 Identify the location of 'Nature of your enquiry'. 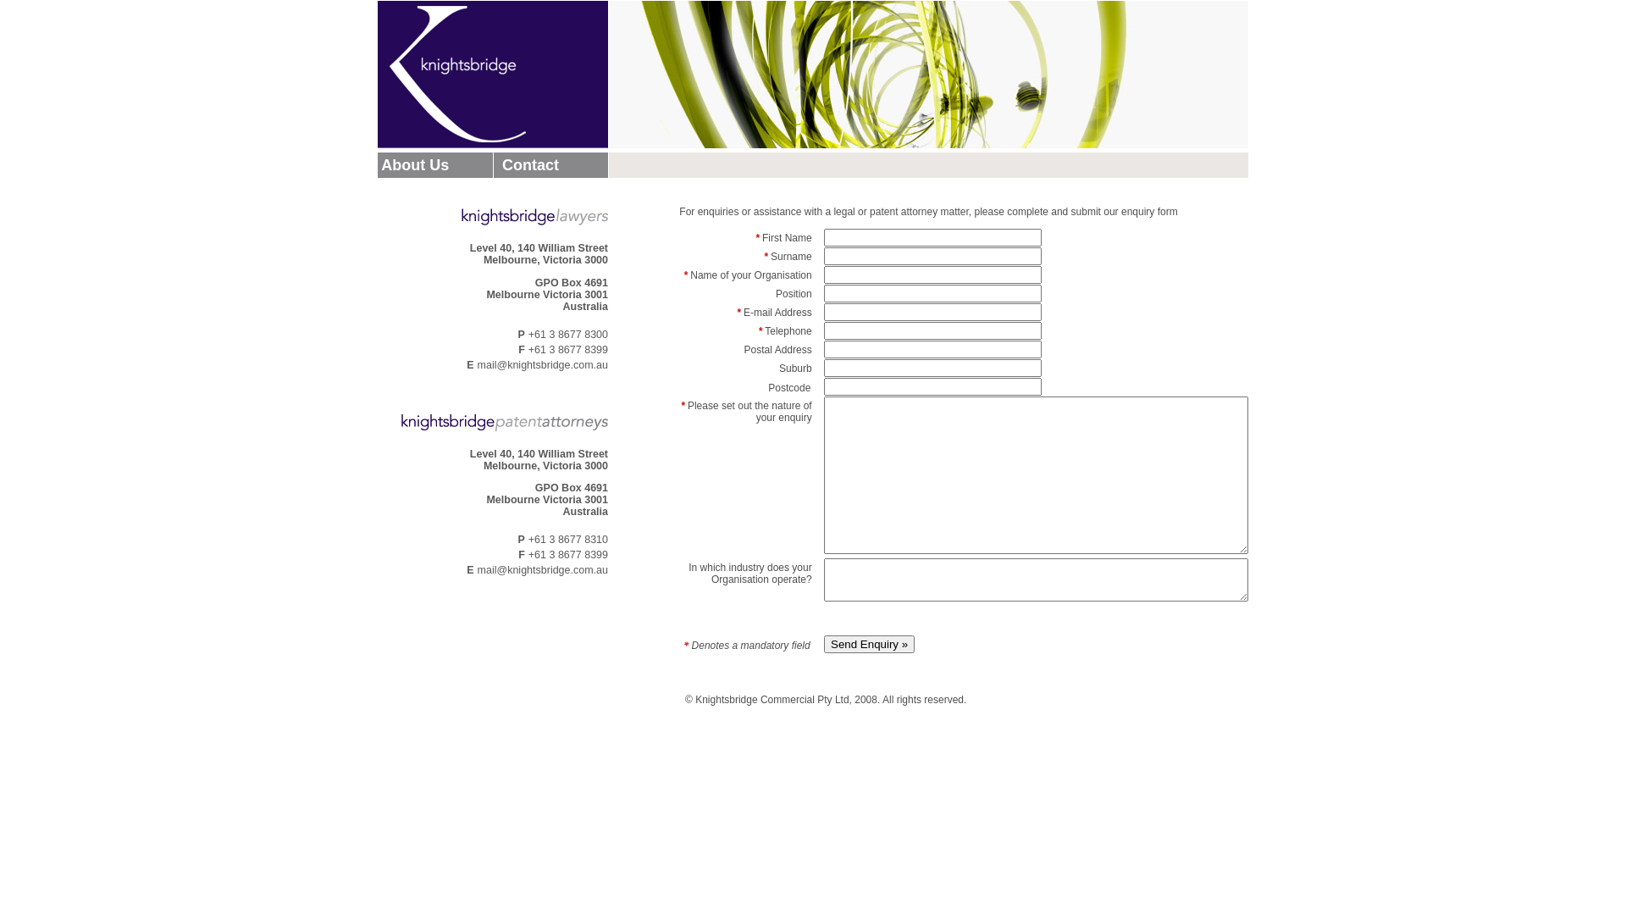
(1035, 474).